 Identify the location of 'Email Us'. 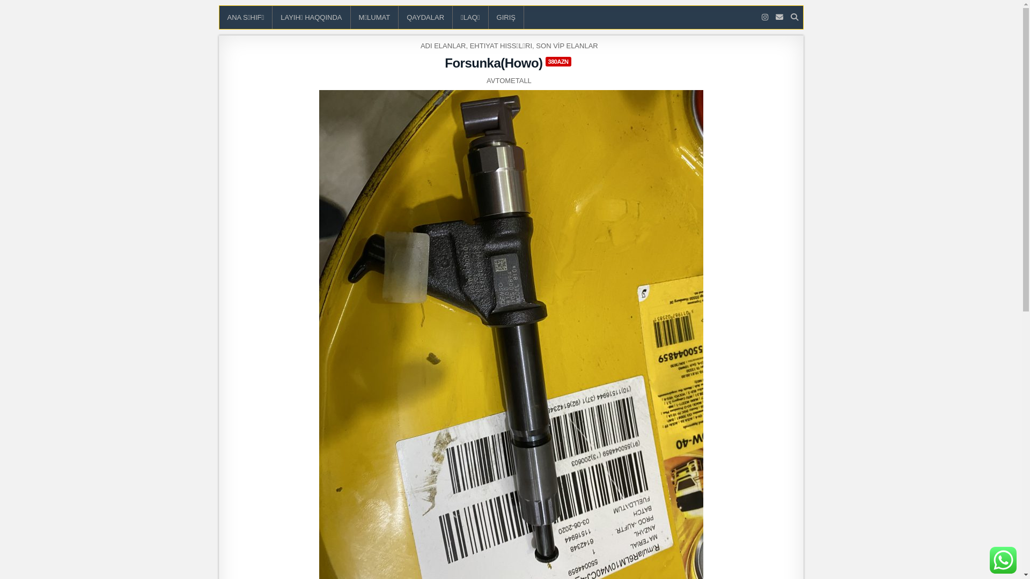
(779, 17).